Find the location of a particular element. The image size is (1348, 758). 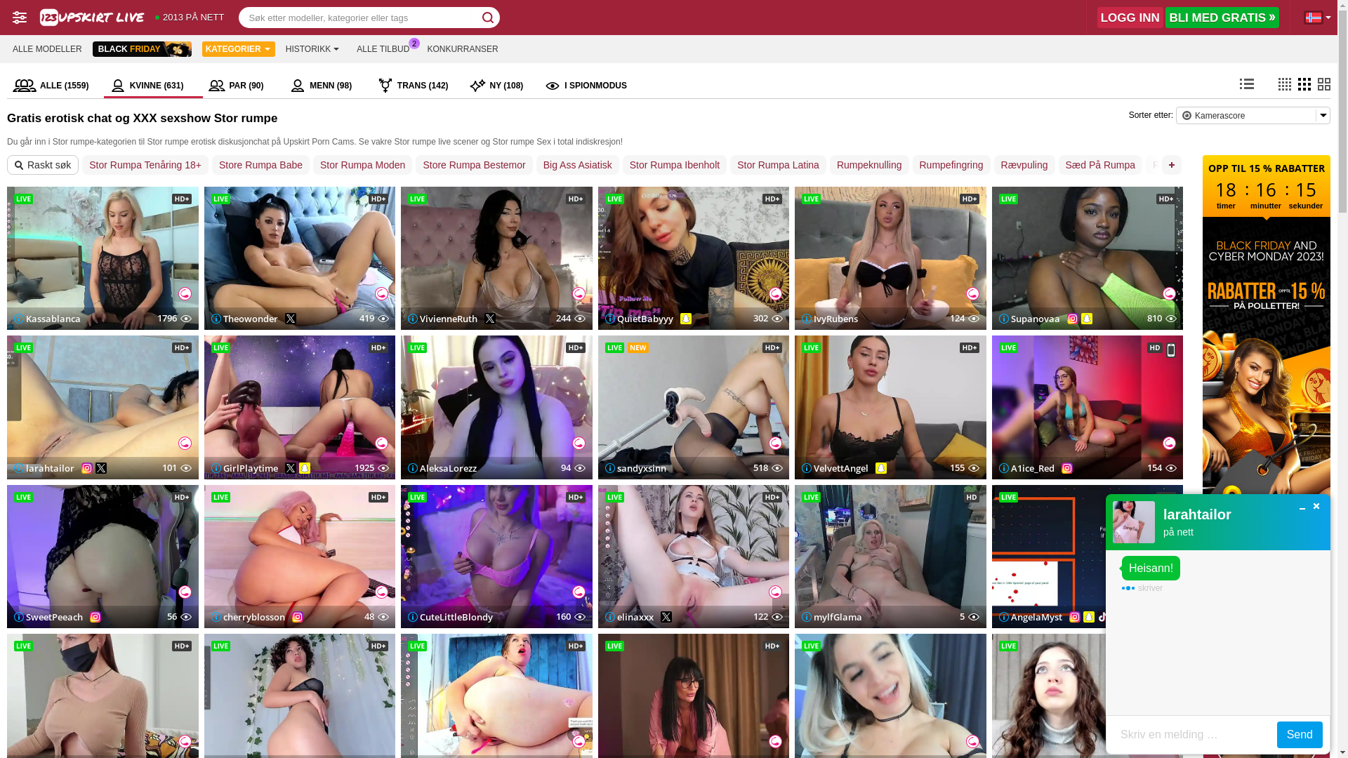

'LOGG INN' is located at coordinates (1097, 17).